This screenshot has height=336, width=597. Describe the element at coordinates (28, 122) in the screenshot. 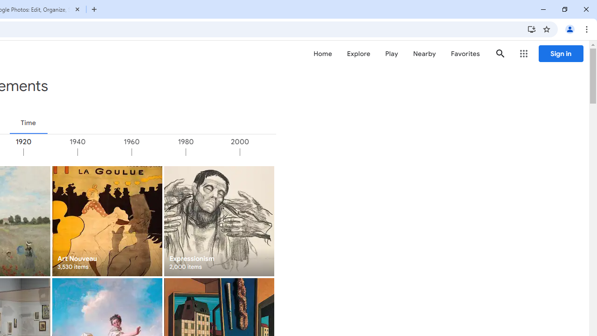

I see `'Time'` at that location.